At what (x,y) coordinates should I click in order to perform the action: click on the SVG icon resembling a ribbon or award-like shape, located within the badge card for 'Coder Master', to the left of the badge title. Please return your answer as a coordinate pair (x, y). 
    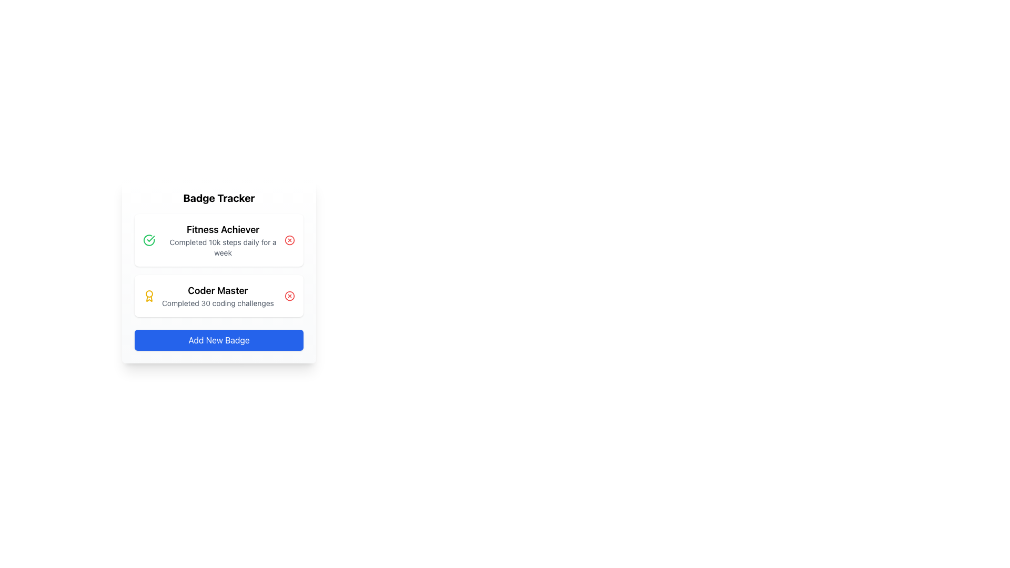
    Looking at the image, I should click on (148, 299).